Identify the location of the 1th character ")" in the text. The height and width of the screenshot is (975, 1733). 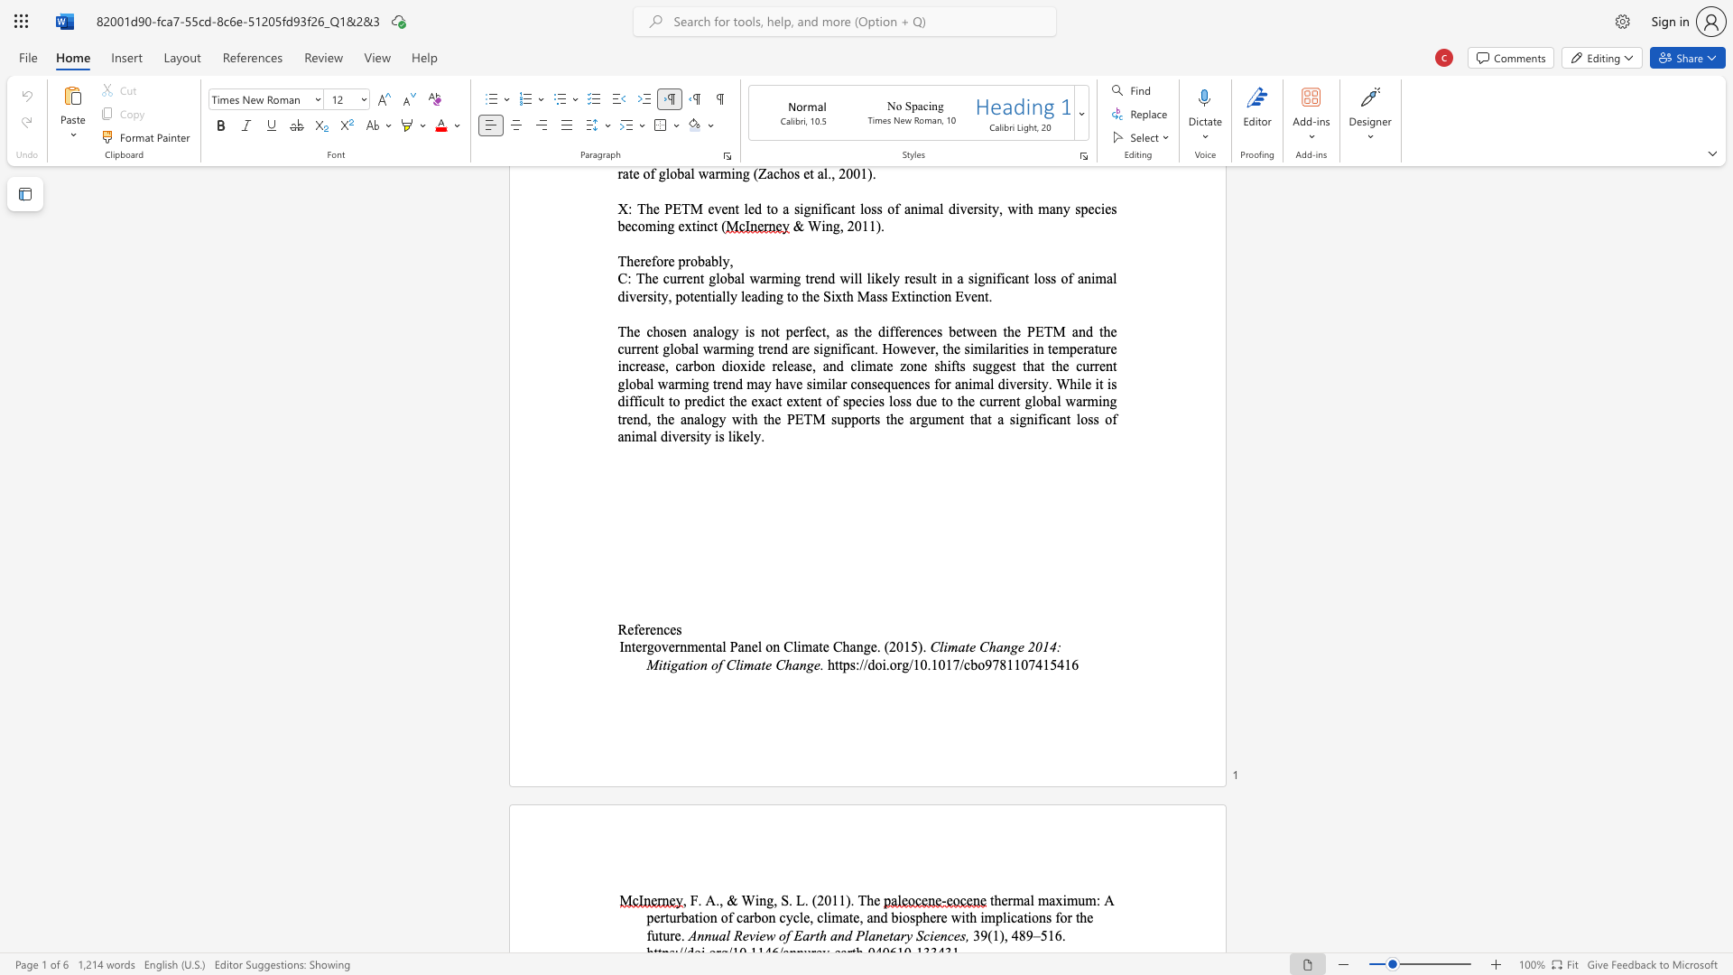
(847, 900).